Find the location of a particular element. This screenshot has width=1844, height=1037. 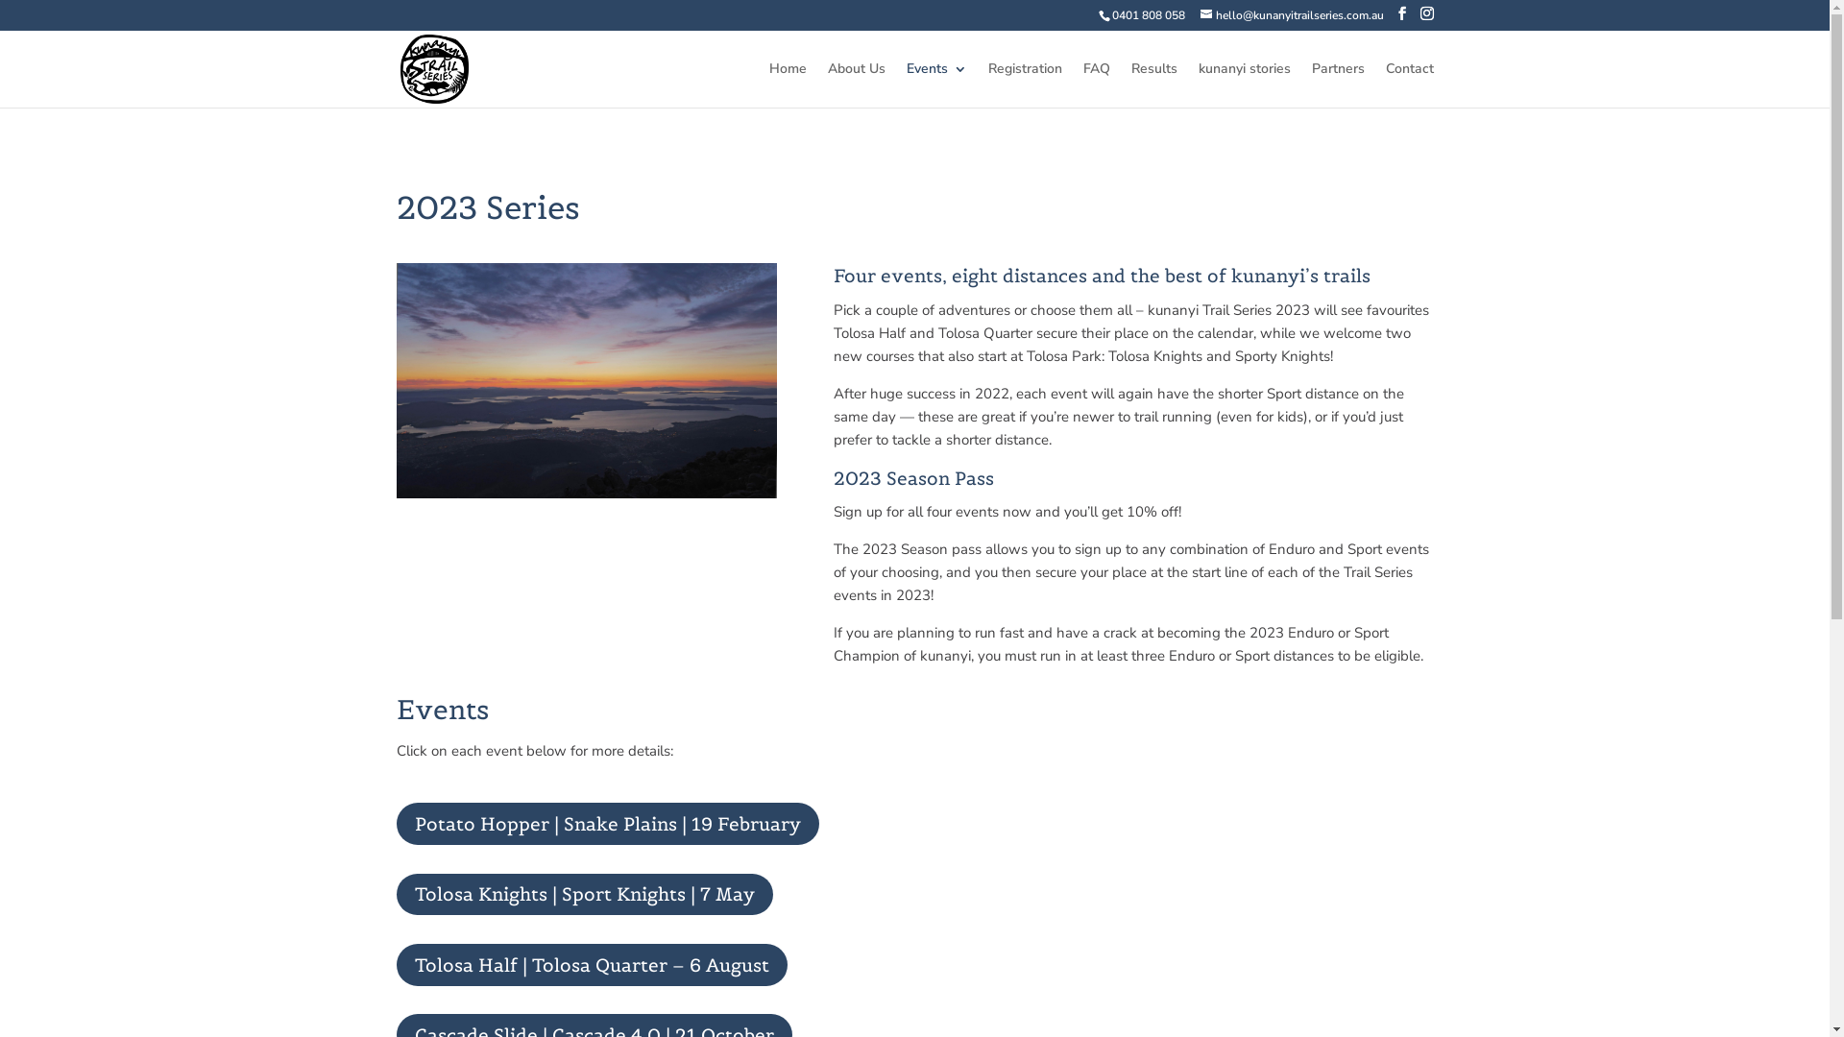

'FAQ' is located at coordinates (1097, 84).